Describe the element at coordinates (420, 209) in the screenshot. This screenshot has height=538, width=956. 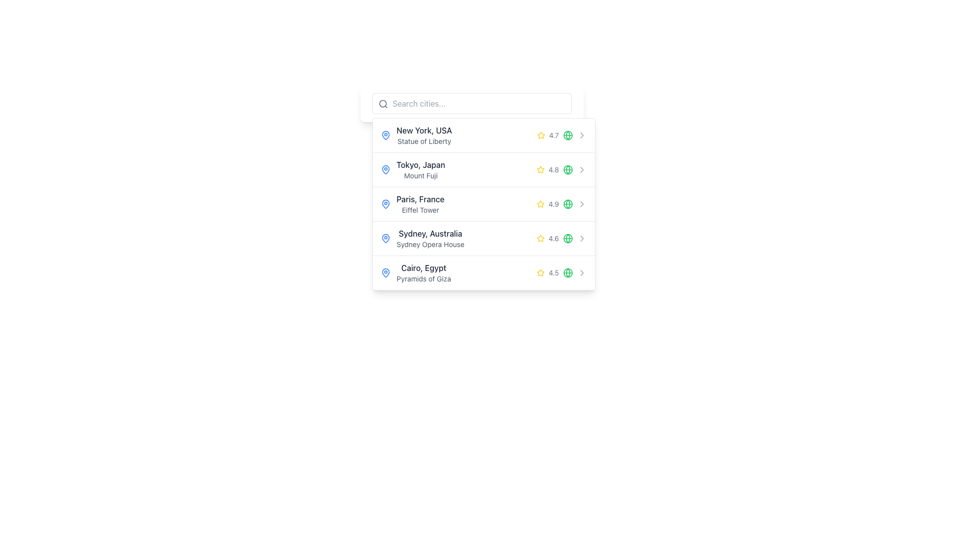
I see `the Text Label that provides additional descriptive information about the main title text 'Paris, France', located directly below the main text of the entry` at that location.